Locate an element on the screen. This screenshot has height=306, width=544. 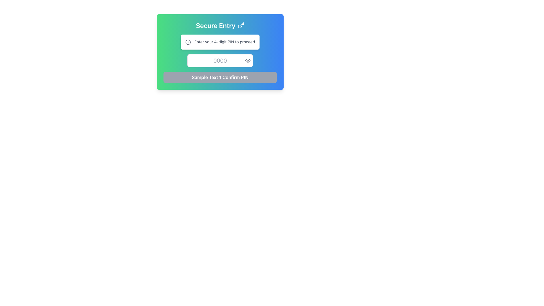
the small circular gray icon located to the immediate left of the text 'Enter your 4-digit PIN to proceed' is located at coordinates (188, 42).